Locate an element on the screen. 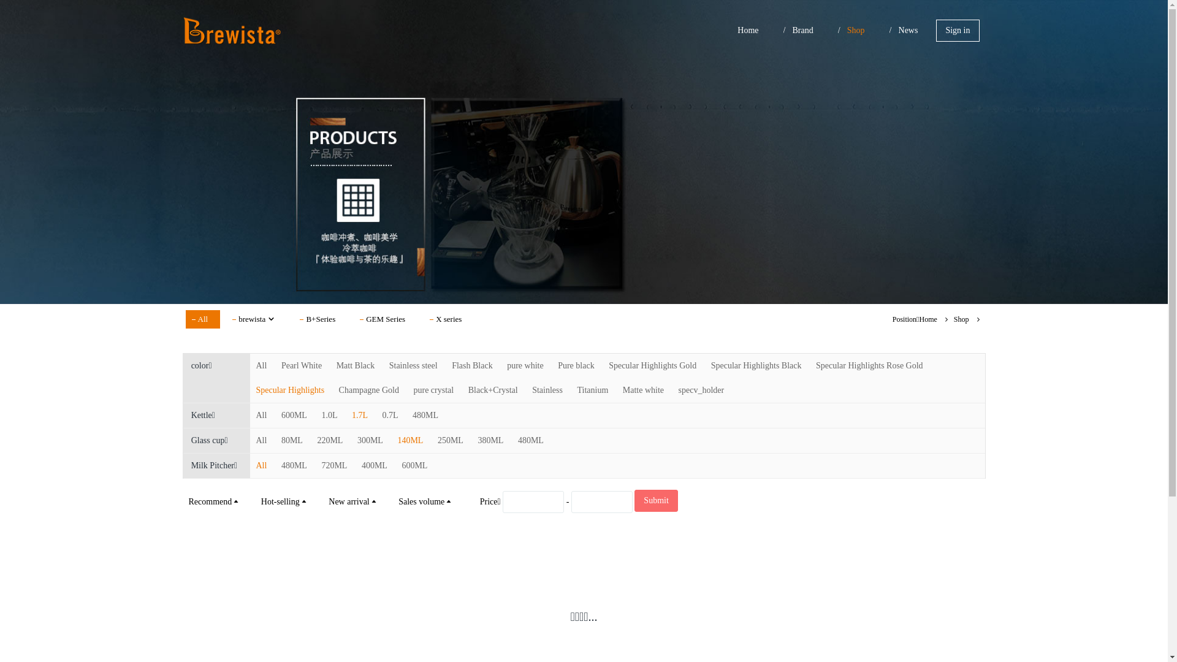 The height and width of the screenshot is (662, 1177). 'Shop' is located at coordinates (961, 318).